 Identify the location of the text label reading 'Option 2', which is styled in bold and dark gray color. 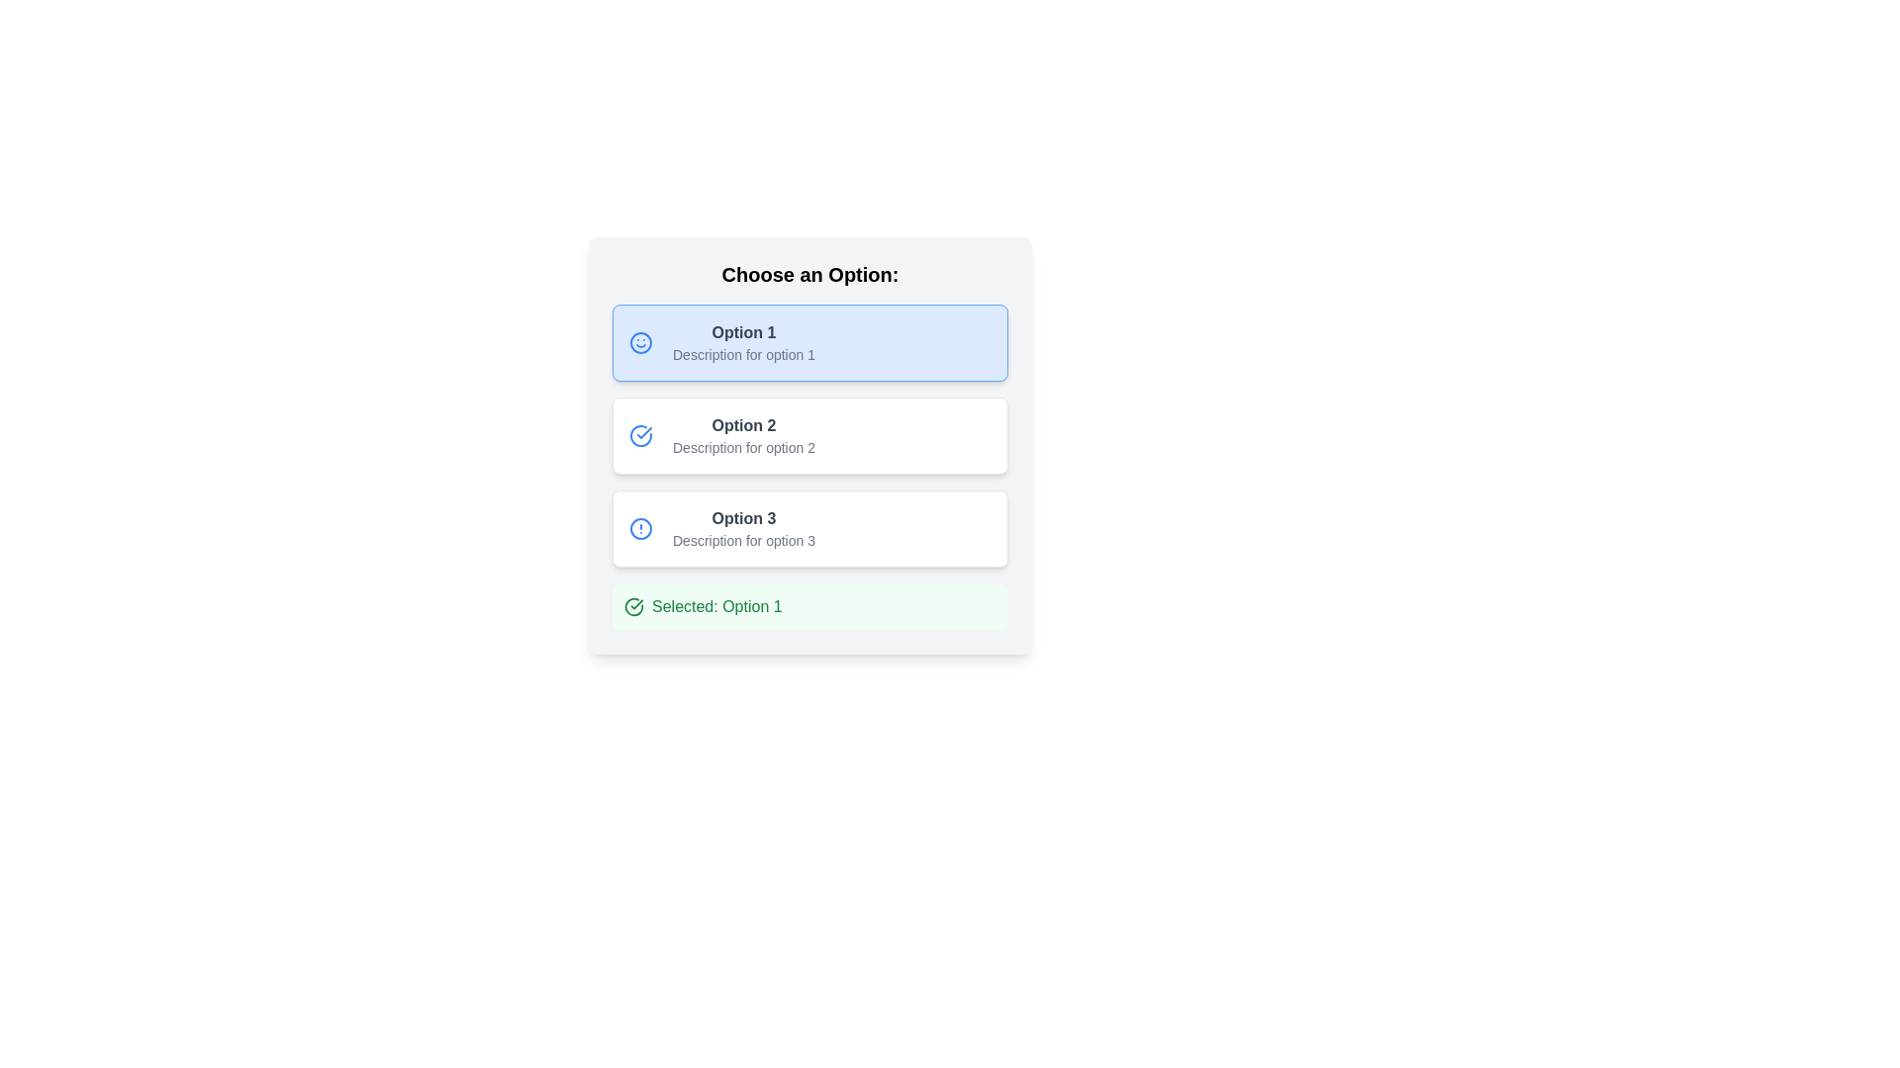
(743, 425).